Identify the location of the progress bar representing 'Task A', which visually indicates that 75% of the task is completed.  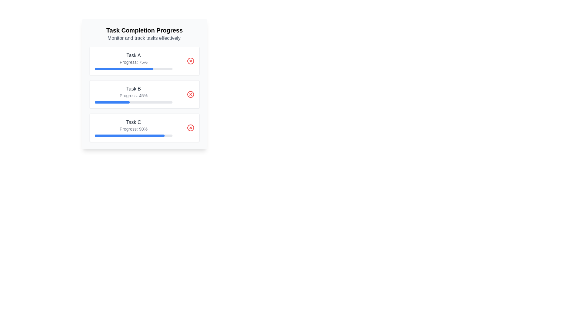
(124, 69).